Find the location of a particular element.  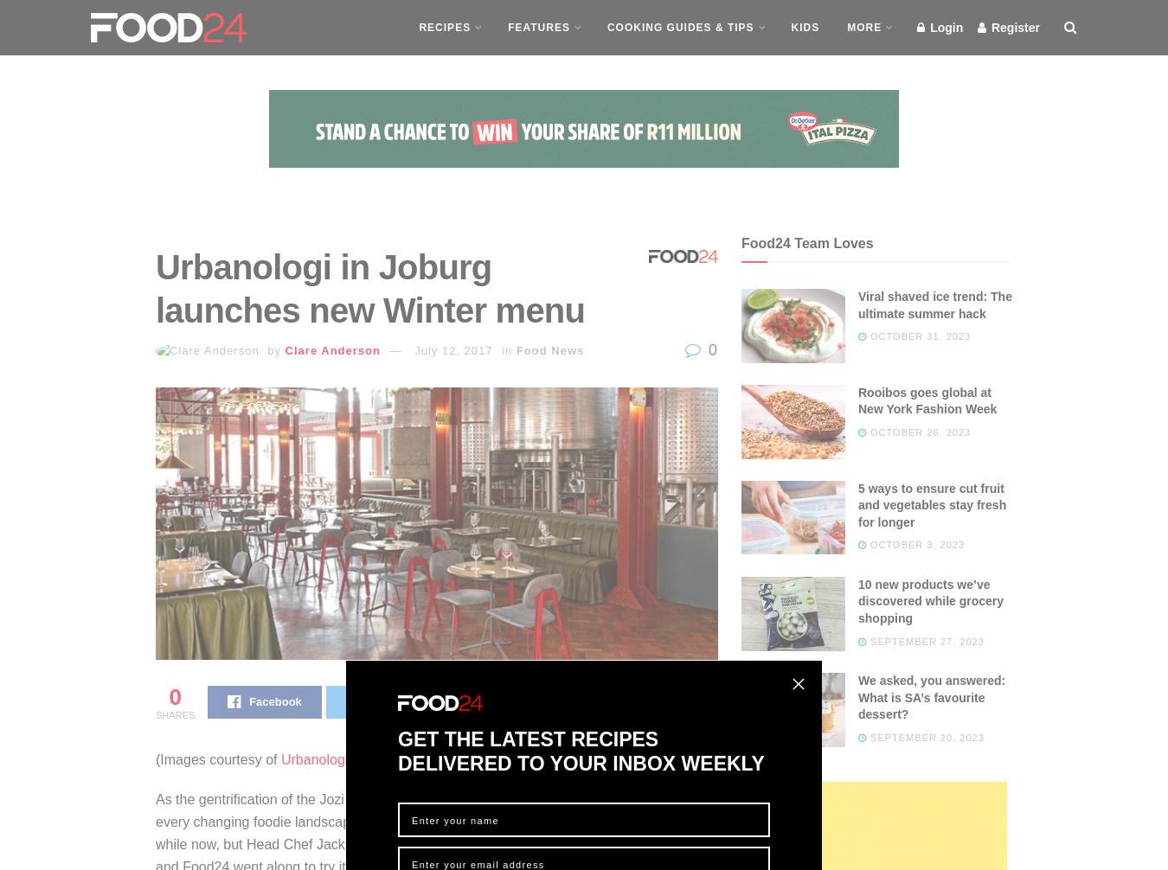

'in' is located at coordinates (507, 349).